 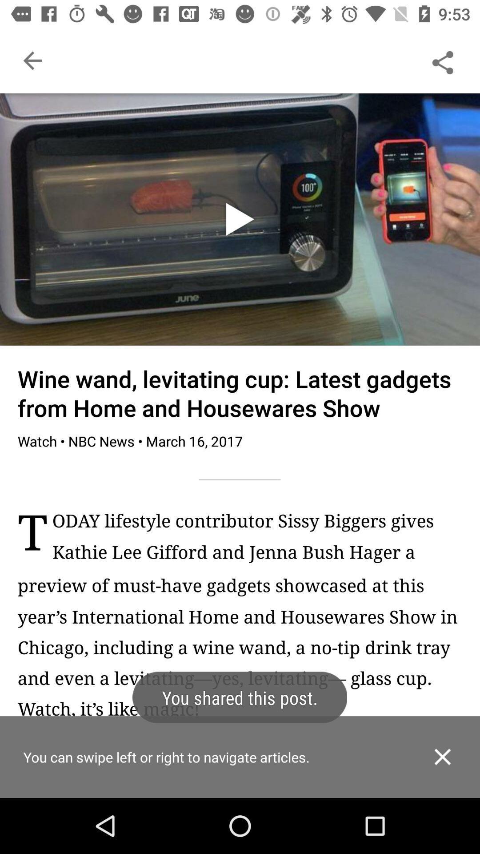 I want to click on share this article, so click(x=442, y=60).